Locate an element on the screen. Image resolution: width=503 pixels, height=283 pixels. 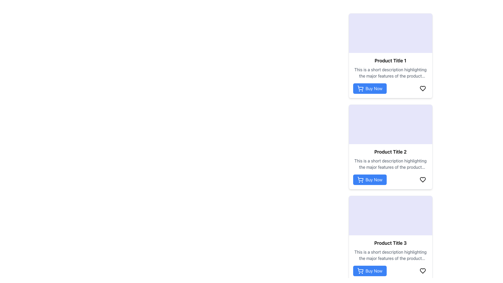
the heart-shaped icon button located to the right of the 'Buy Now' button for 'Product Title 2' is located at coordinates (423, 179).